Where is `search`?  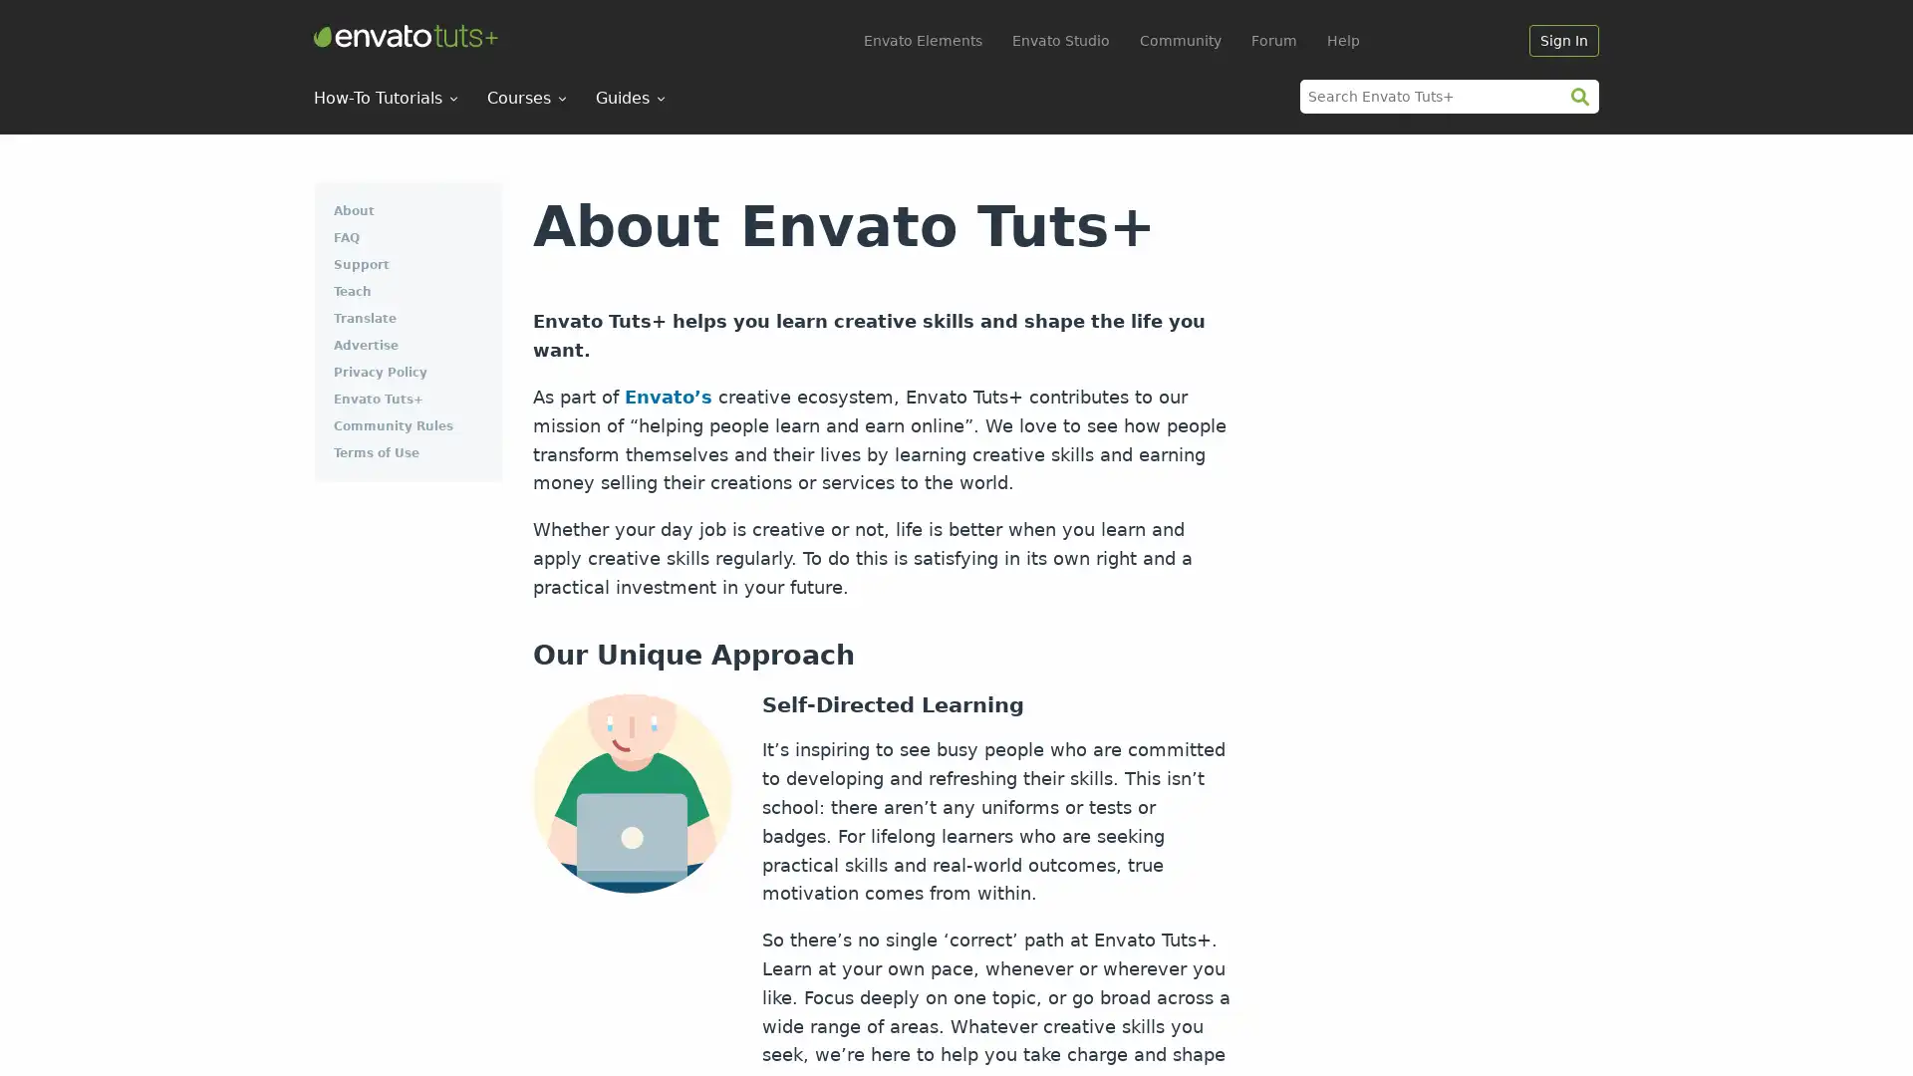
search is located at coordinates (1578, 96).